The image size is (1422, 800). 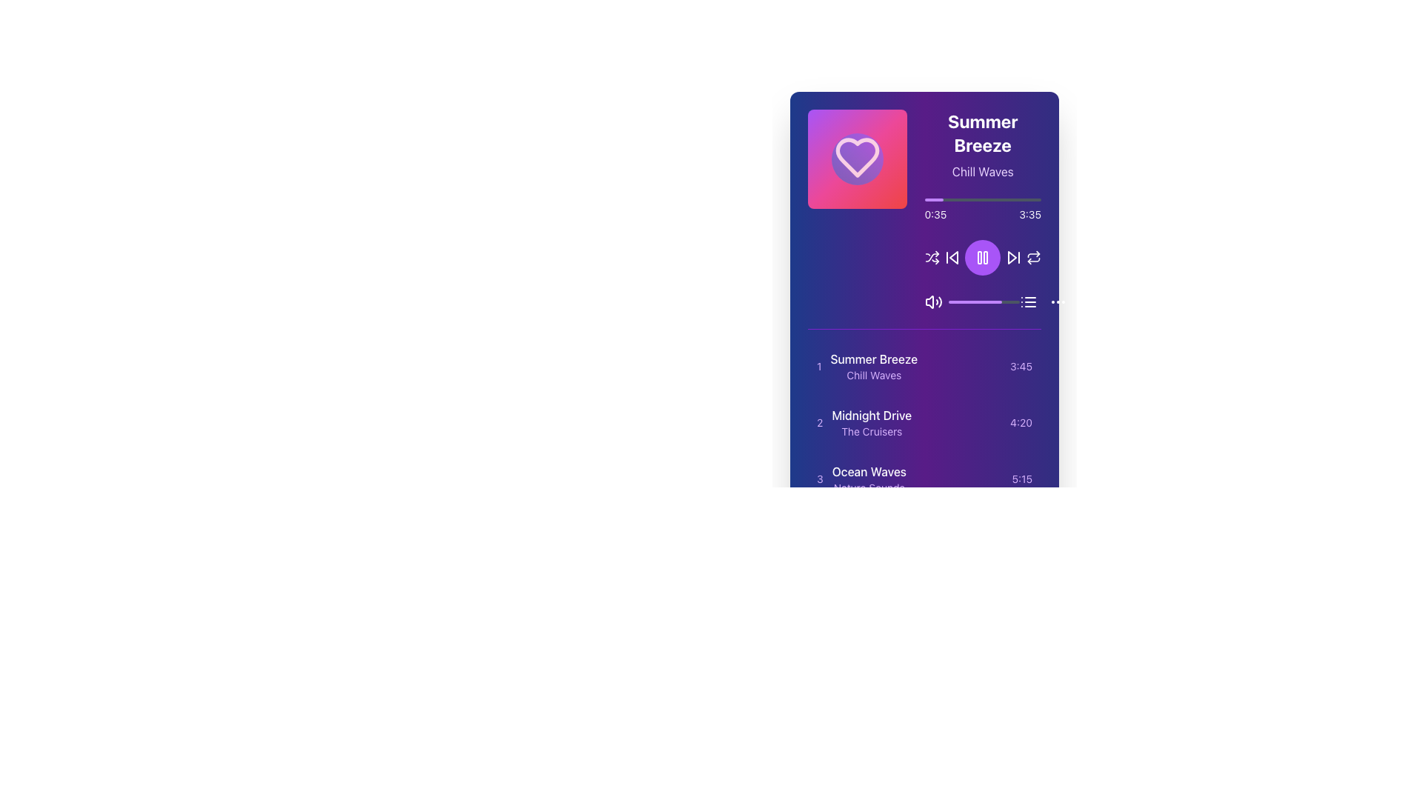 I want to click on the slider value, so click(x=951, y=301).